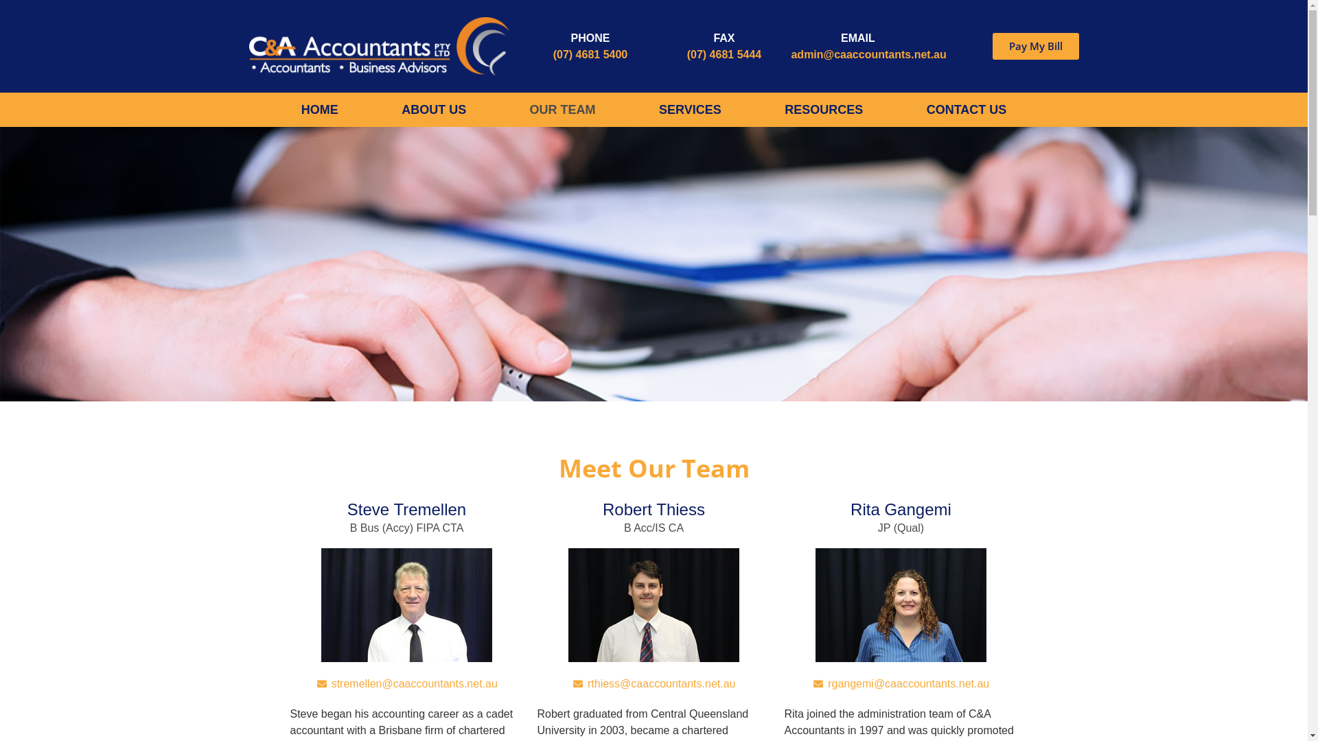 The height and width of the screenshot is (741, 1318). Describe the element at coordinates (824, 108) in the screenshot. I see `'RESOURCES'` at that location.